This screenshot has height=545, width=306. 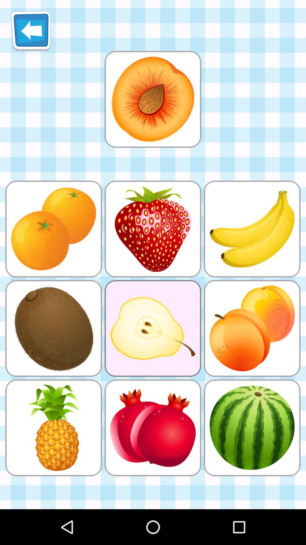 I want to click on fruit, so click(x=152, y=99).